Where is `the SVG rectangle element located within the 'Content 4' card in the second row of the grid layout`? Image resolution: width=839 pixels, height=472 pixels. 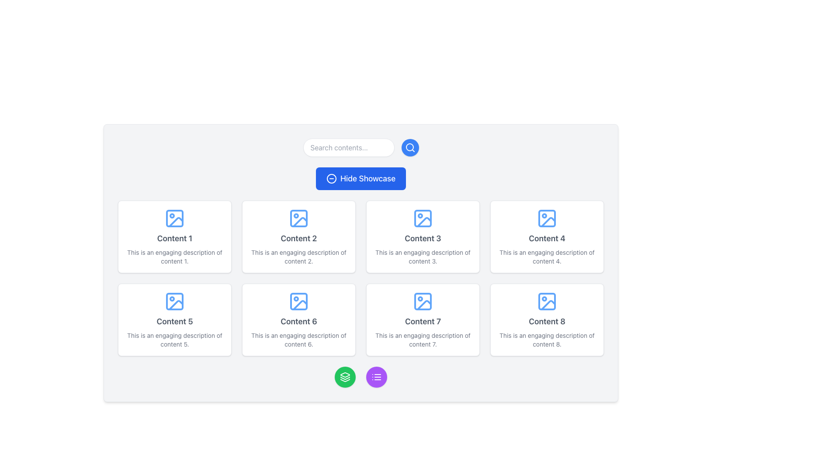 the SVG rectangle element located within the 'Content 4' card in the second row of the grid layout is located at coordinates (547, 218).